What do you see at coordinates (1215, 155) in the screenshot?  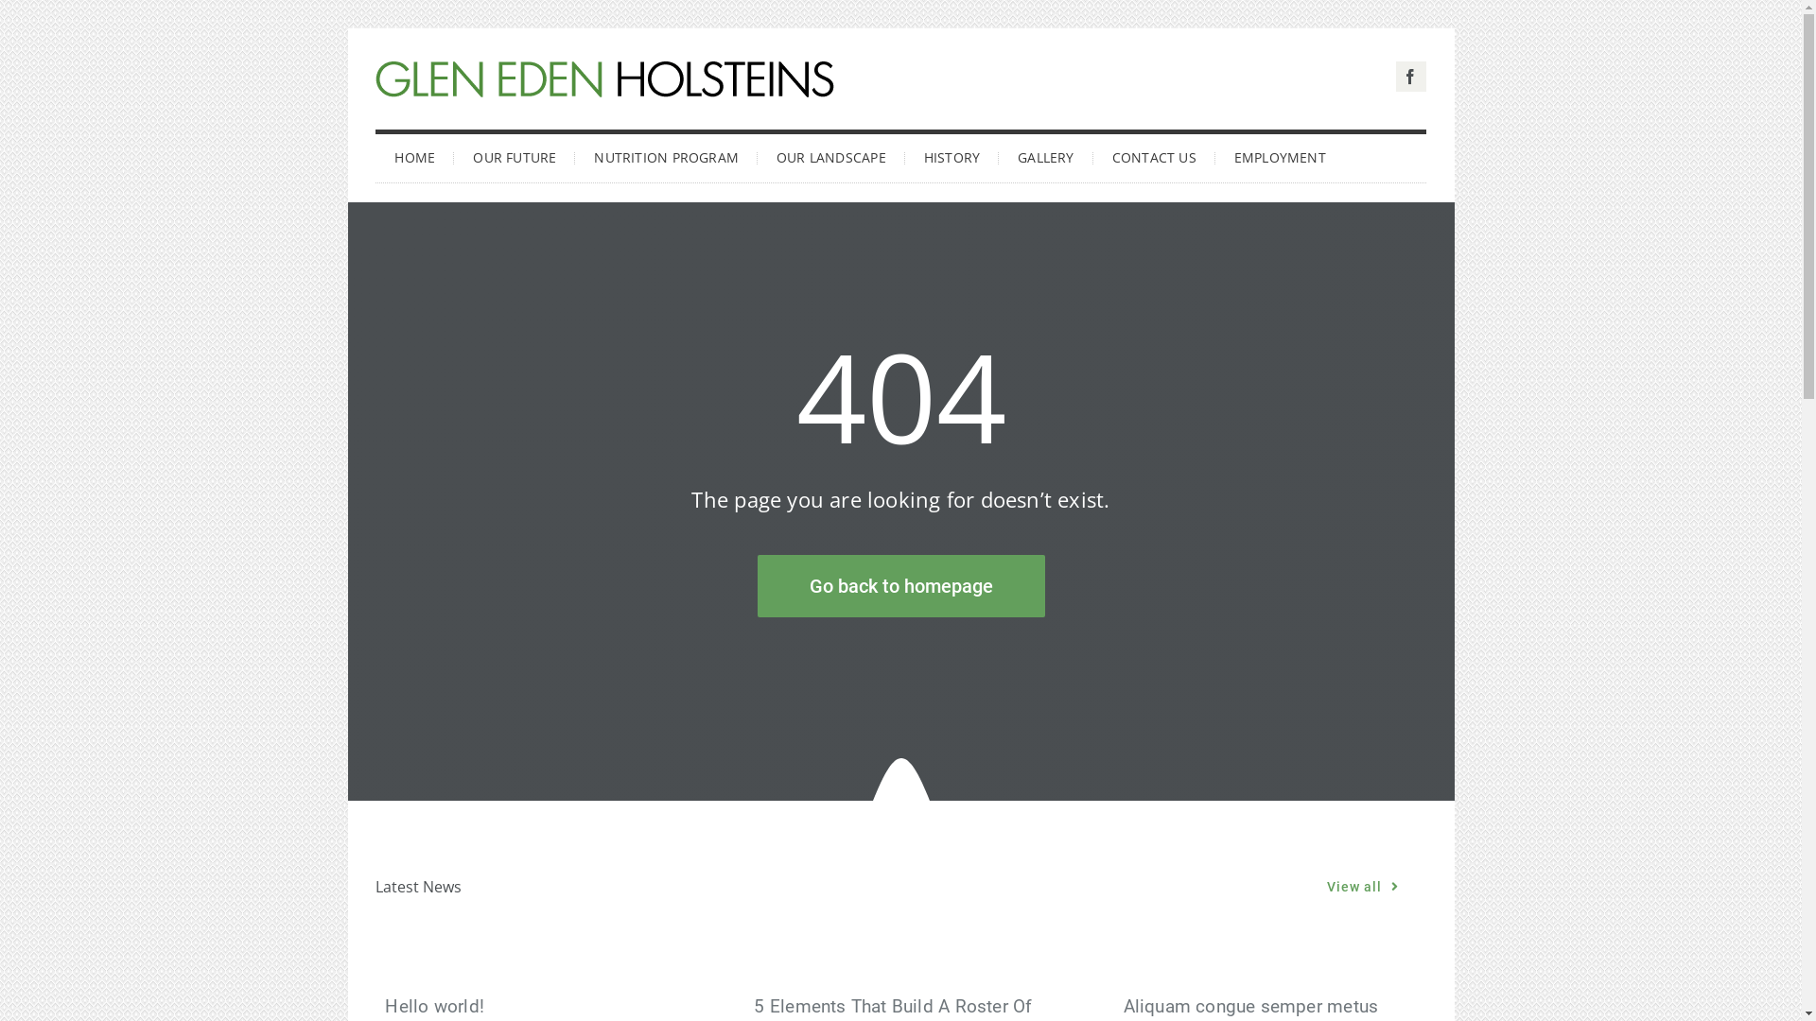 I see `'EMPLOYMENT'` at bounding box center [1215, 155].